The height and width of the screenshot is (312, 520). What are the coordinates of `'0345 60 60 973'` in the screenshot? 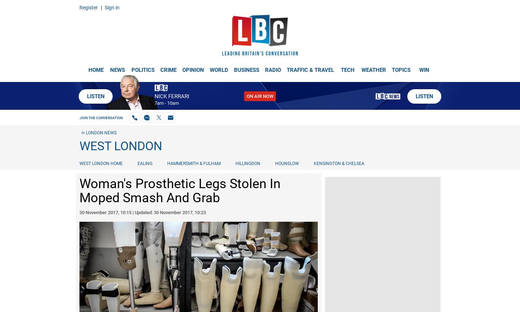 It's located at (24, 5).